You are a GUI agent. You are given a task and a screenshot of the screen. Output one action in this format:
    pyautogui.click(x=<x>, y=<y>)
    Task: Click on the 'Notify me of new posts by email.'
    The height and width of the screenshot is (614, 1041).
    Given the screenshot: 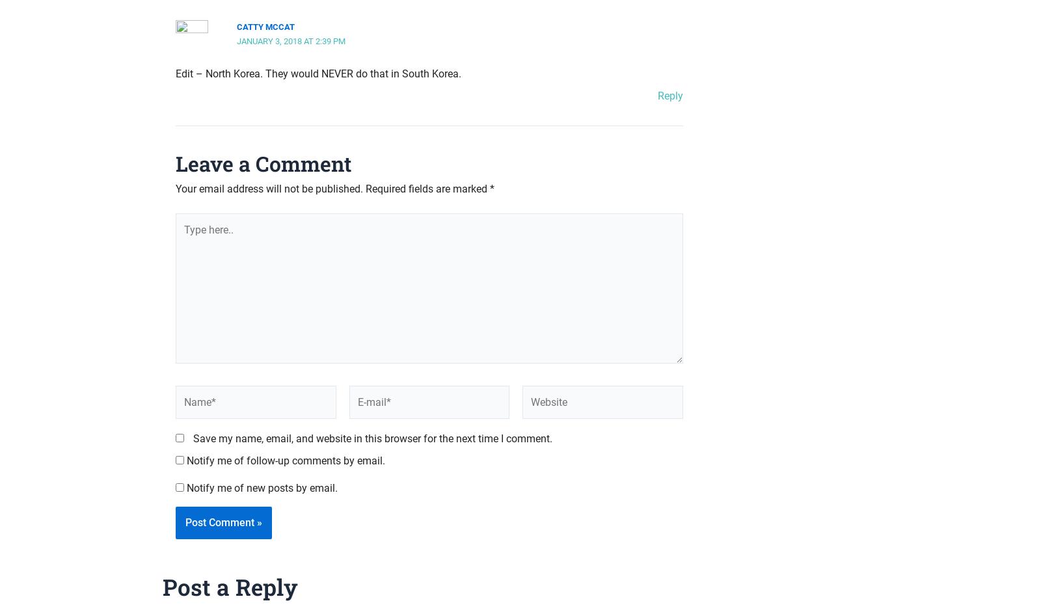 What is the action you would take?
    pyautogui.click(x=262, y=487)
    